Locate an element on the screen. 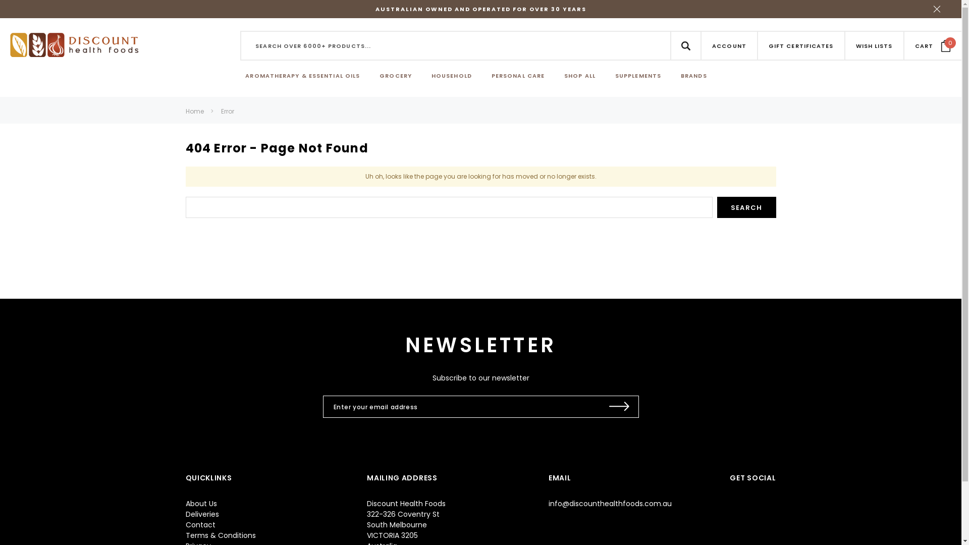 Image resolution: width=969 pixels, height=545 pixels. 'GIFT CERTIFICATES' is located at coordinates (800, 45).